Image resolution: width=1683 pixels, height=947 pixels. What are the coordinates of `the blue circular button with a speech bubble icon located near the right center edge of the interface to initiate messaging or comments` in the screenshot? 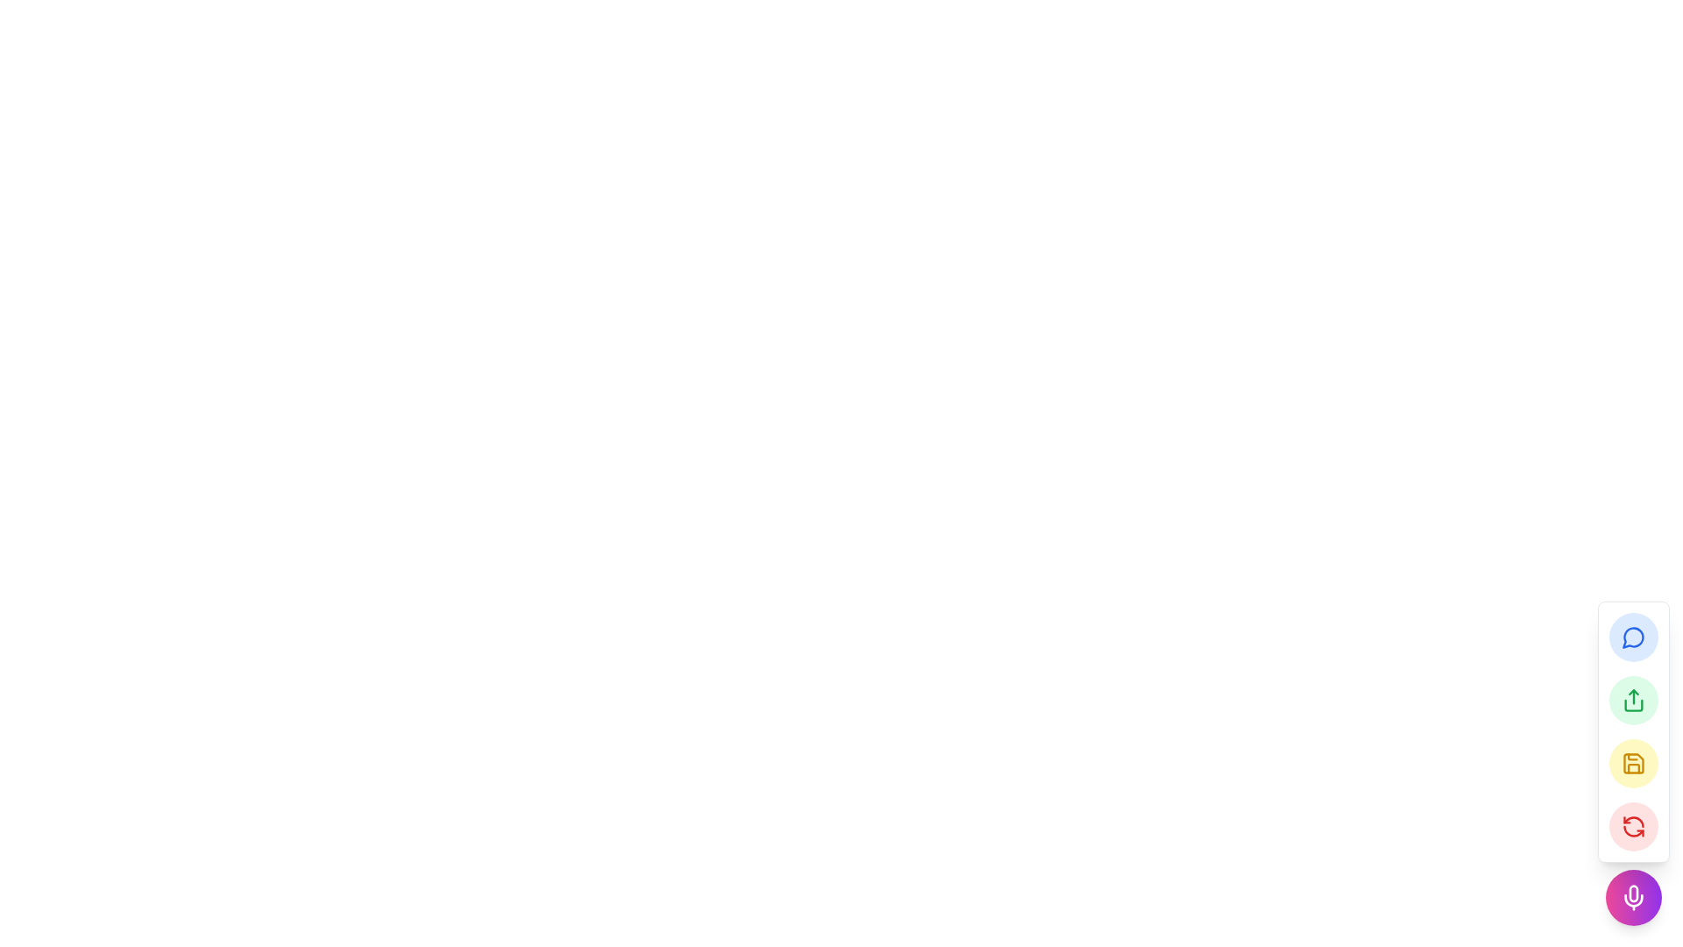 It's located at (1632, 637).